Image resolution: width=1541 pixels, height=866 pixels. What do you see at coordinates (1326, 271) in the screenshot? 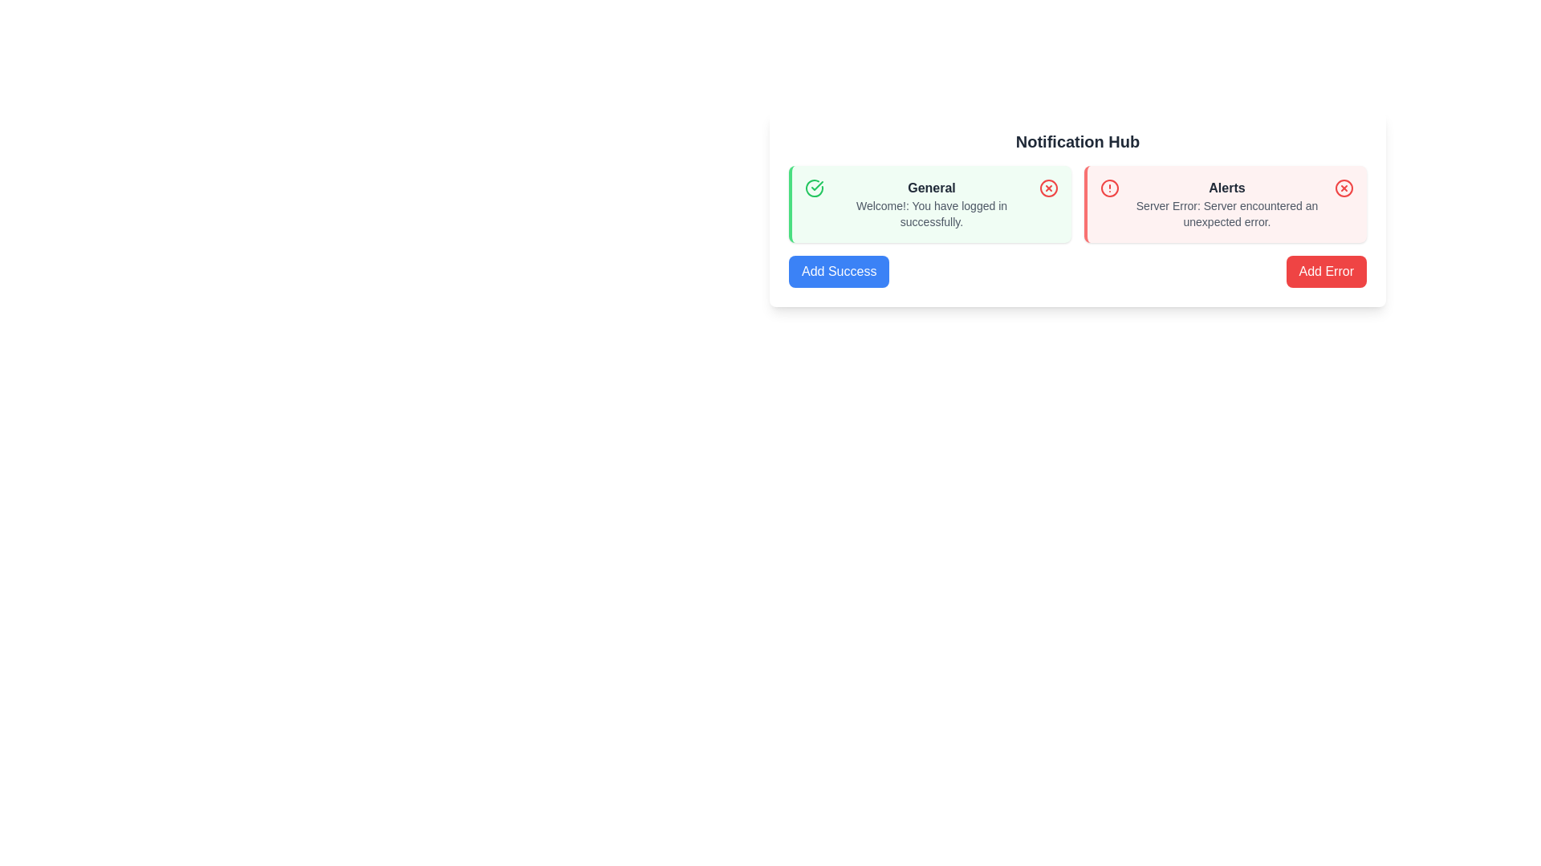
I see `the 'Add Error' button, which is a rectangular button with a red background and white text, located in the 'Notification Hub' region to the right of the 'Add Success' button` at bounding box center [1326, 271].